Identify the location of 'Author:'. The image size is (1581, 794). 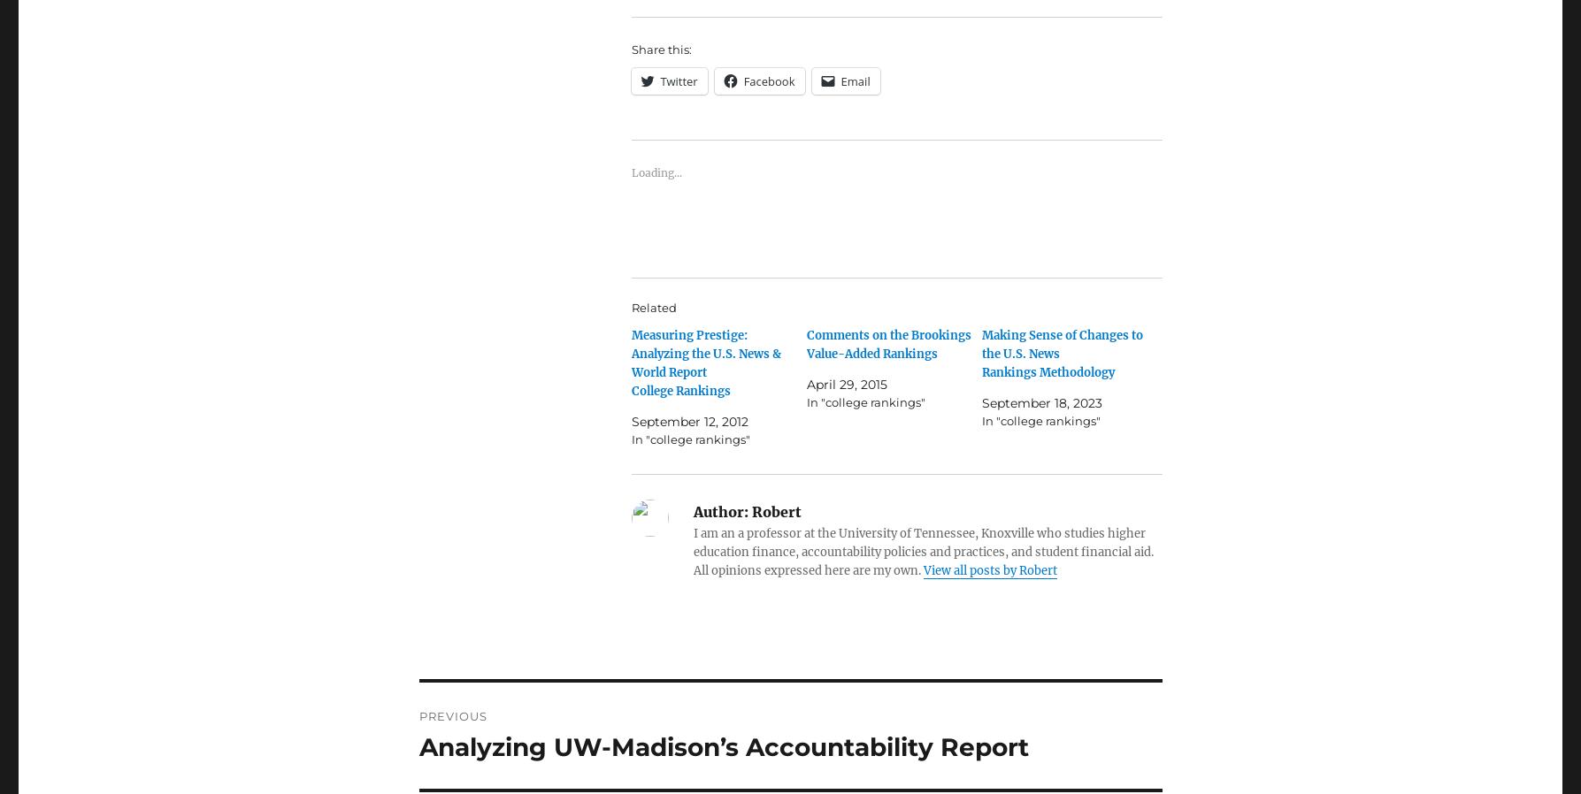
(693, 511).